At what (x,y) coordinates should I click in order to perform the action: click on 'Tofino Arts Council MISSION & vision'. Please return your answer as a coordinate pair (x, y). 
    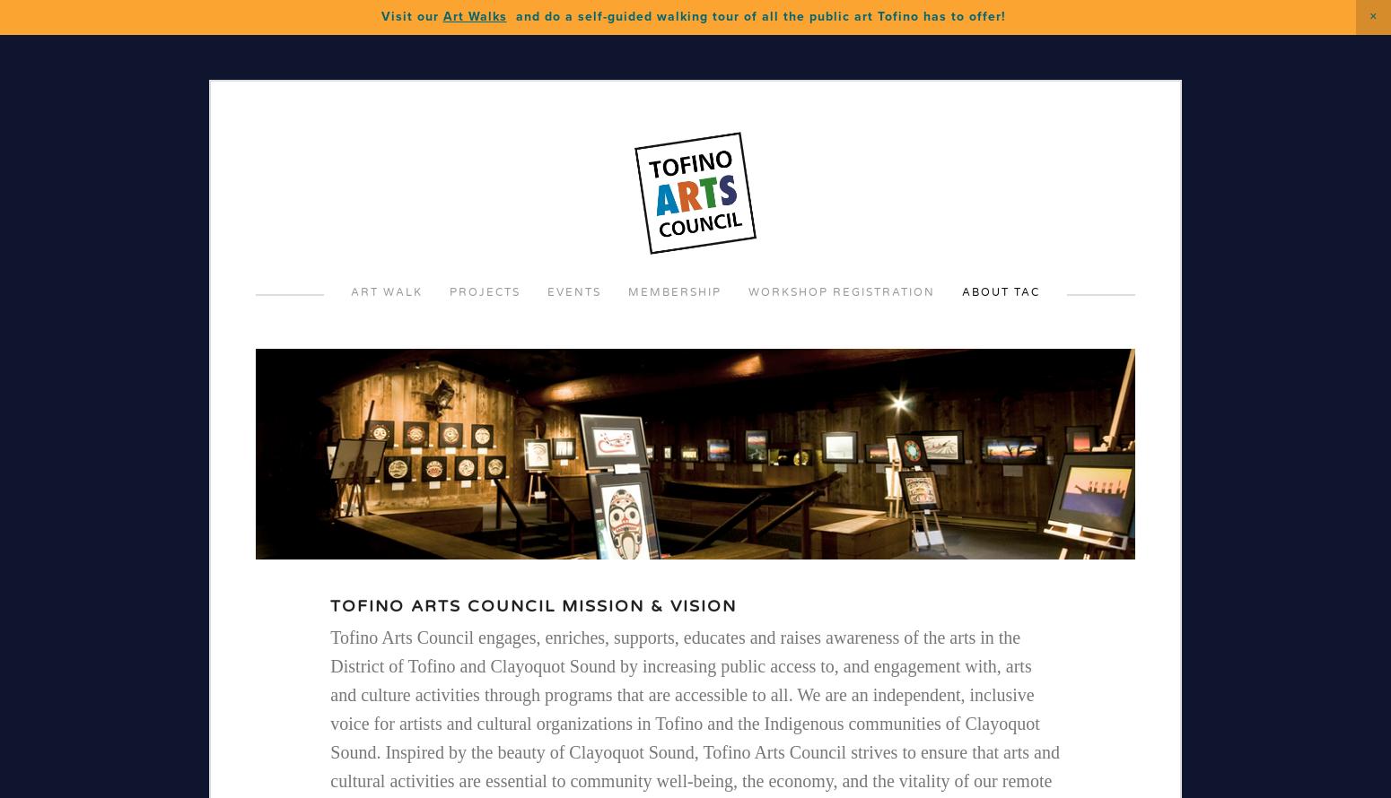
    Looking at the image, I should click on (328, 605).